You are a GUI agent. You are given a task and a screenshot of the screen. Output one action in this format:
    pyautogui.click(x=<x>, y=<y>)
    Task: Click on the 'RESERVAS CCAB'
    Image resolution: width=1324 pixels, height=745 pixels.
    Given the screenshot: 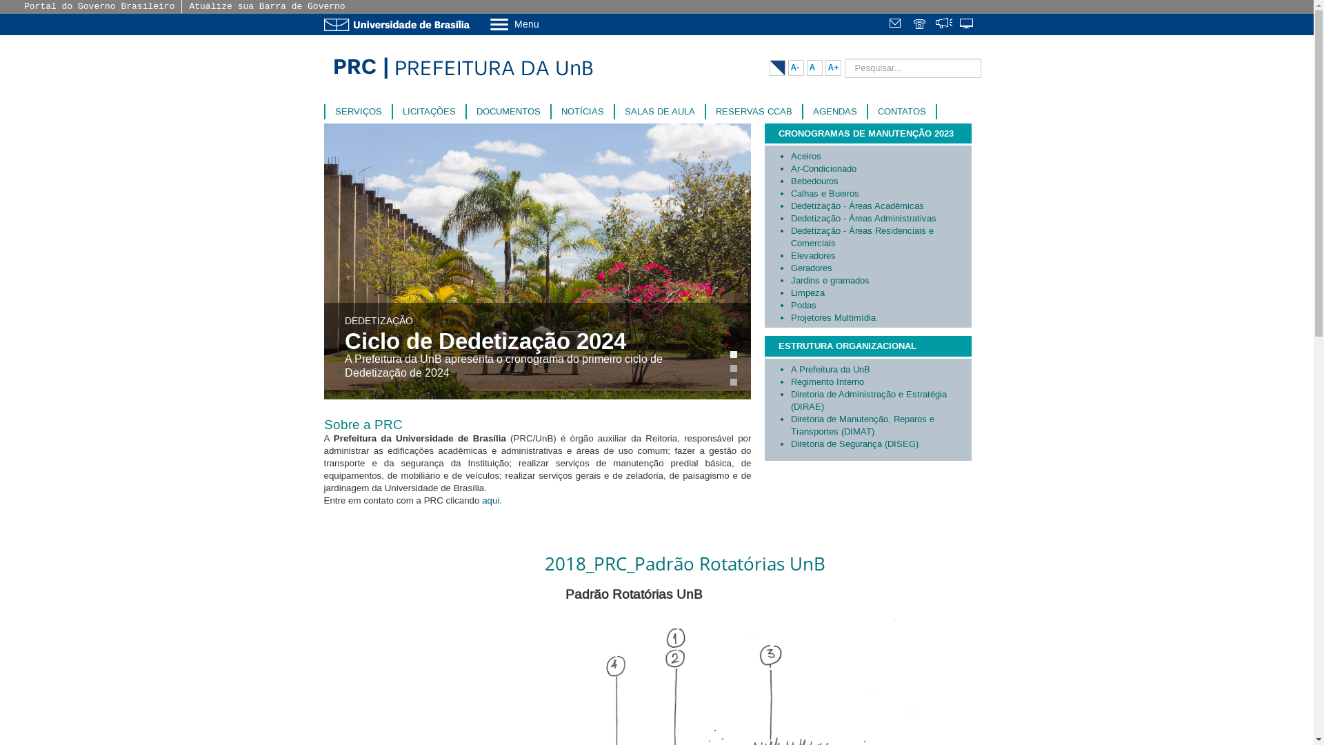 What is the action you would take?
    pyautogui.click(x=753, y=111)
    